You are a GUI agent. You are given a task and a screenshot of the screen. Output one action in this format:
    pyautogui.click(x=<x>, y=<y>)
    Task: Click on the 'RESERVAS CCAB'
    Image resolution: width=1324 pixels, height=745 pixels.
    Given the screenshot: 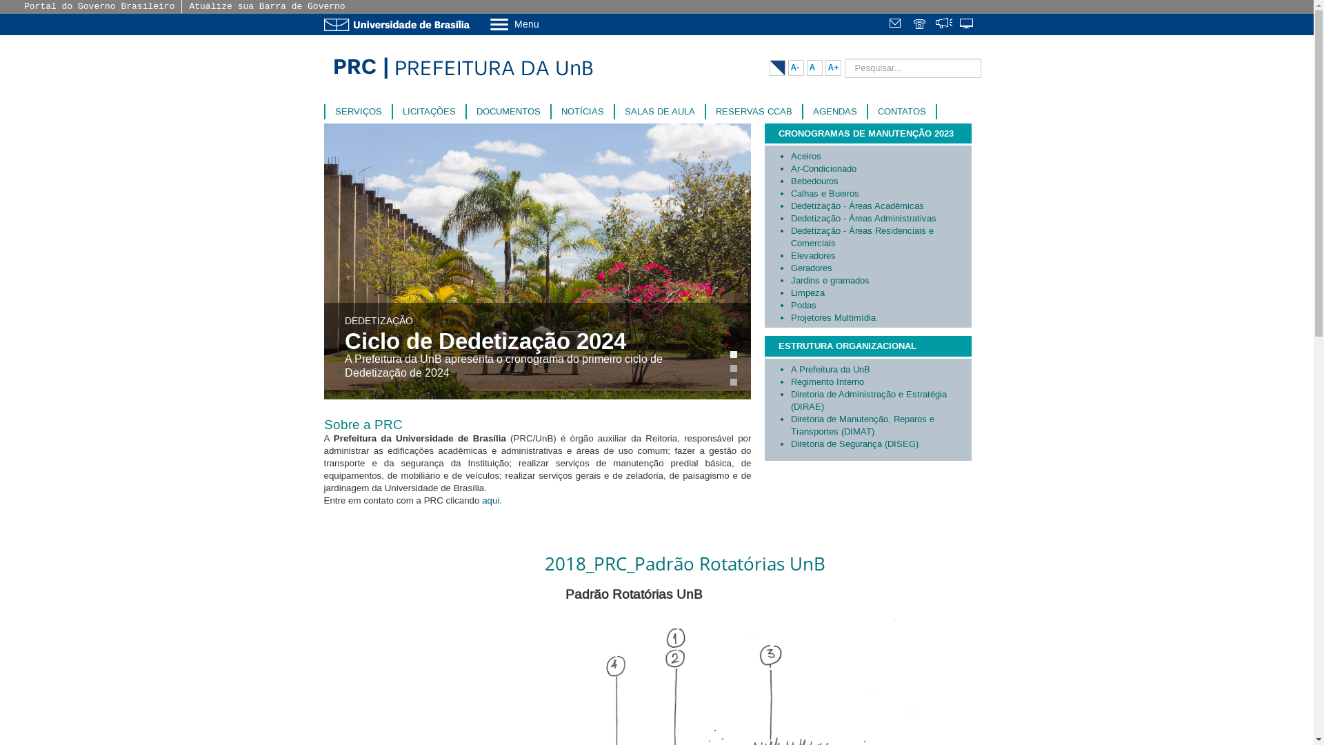 What is the action you would take?
    pyautogui.click(x=753, y=111)
    